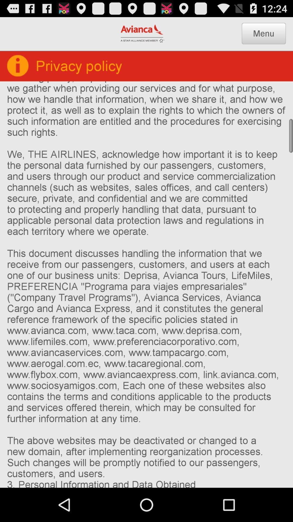 This screenshot has height=522, width=293. What do you see at coordinates (146, 284) in the screenshot?
I see `1 who we icon` at bounding box center [146, 284].